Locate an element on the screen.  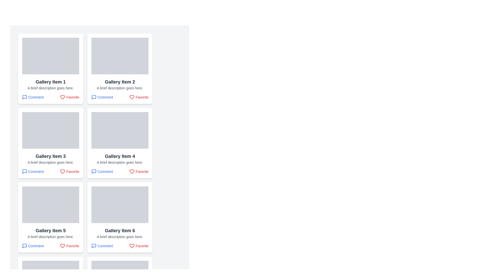
the favorite button located at the bottom-right corner of the card for 'Gallery Item 5' to mark the item as favorite is located at coordinates (69, 245).